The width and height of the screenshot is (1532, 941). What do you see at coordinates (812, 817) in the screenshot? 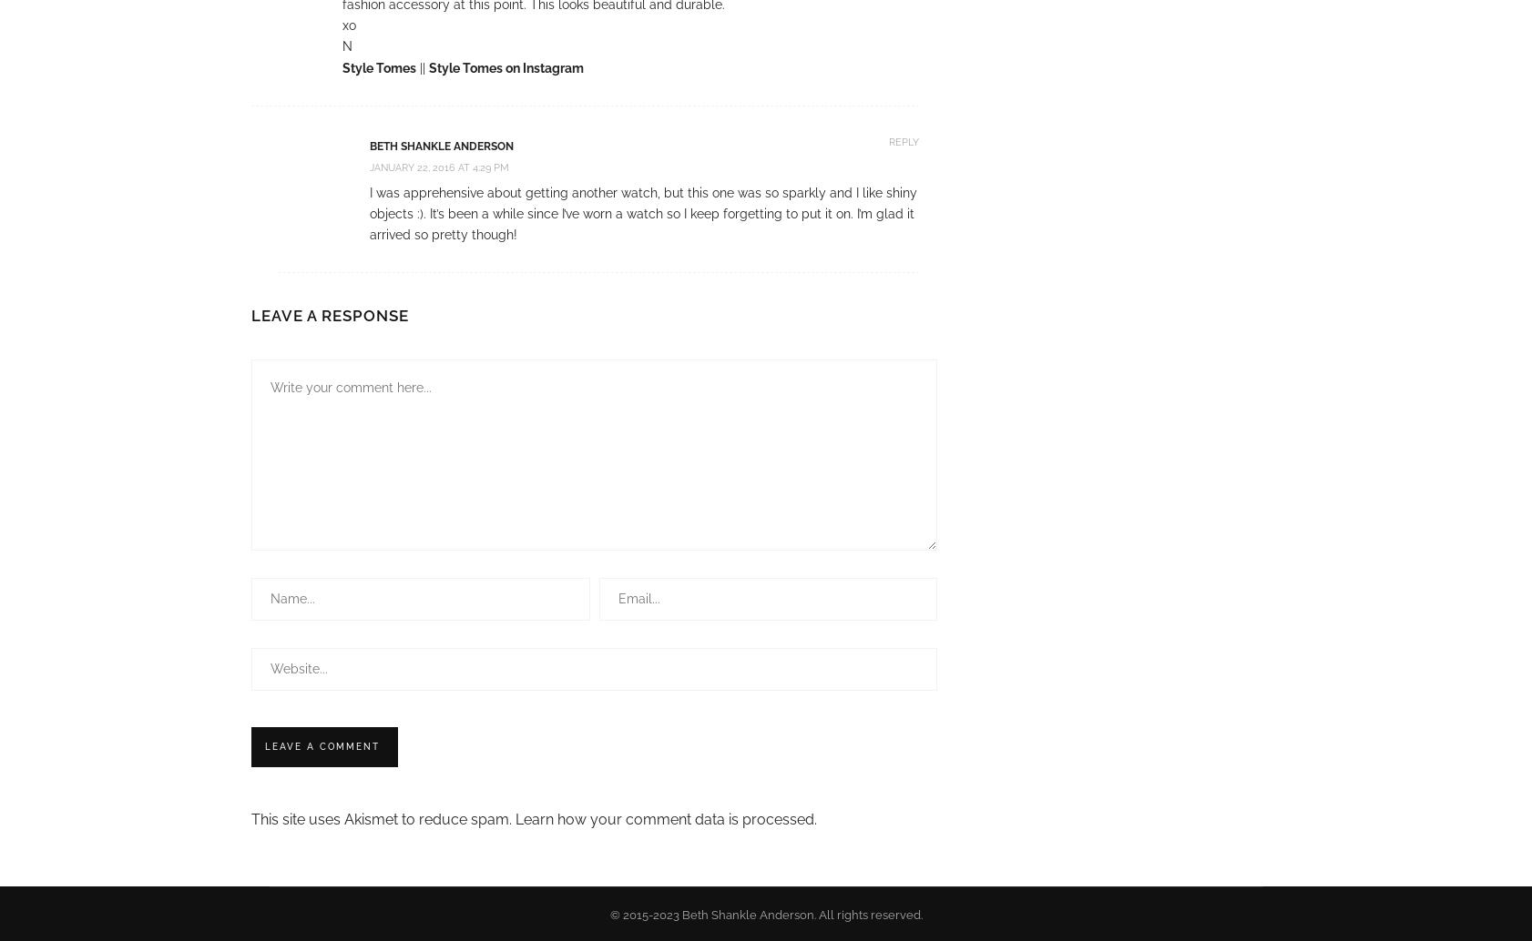
I see `'.'` at bounding box center [812, 817].